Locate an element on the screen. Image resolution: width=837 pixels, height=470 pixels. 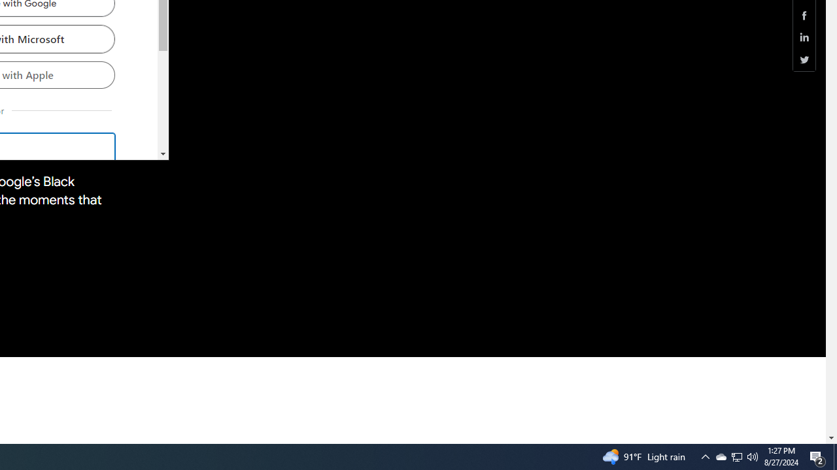
'Q2790: 100%' is located at coordinates (753, 456).